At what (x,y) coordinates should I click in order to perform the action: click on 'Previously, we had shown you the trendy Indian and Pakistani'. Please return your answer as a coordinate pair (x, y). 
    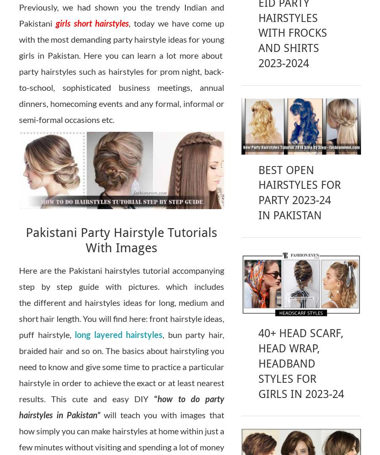
    Looking at the image, I should click on (121, 14).